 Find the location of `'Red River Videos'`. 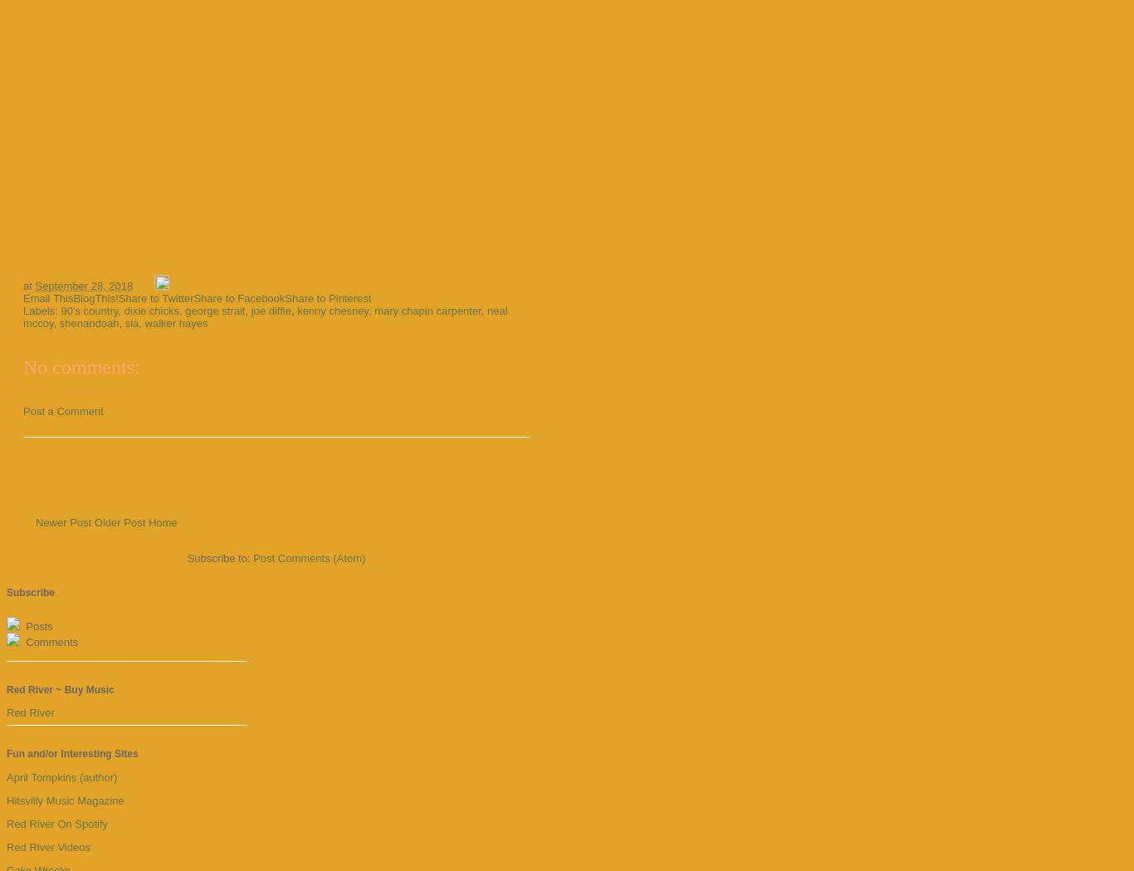

'Red River Videos' is located at coordinates (48, 846).